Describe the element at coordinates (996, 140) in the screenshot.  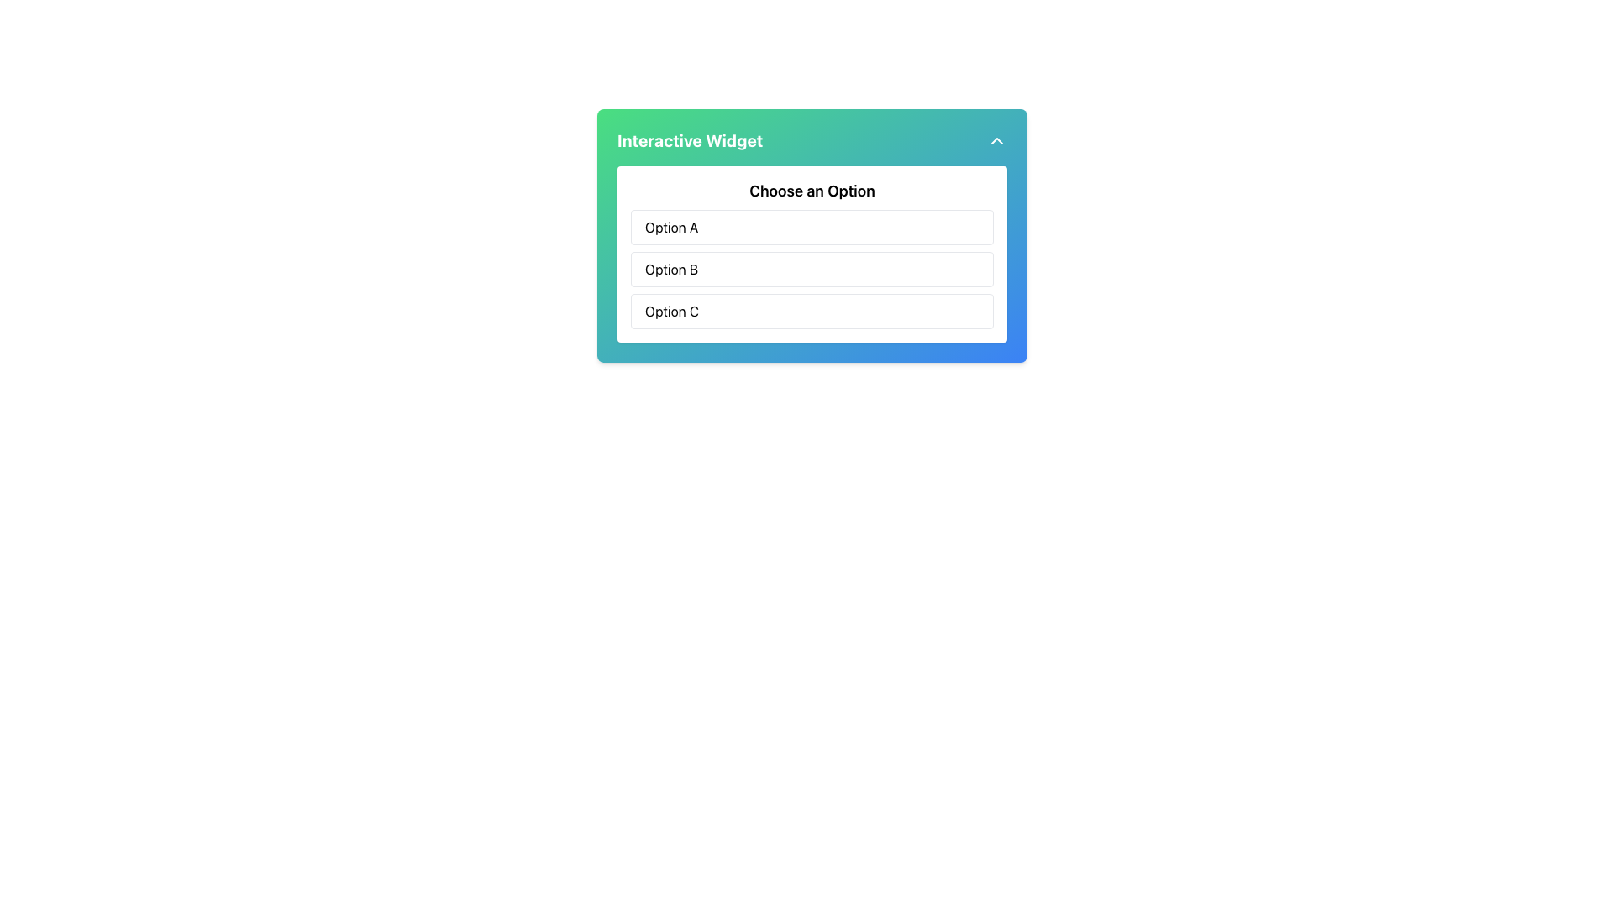
I see `the IconButton located in the top-right corner of the 'Interactive Widget' interface` at that location.